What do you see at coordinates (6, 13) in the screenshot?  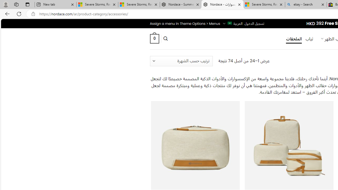 I see `'Back'` at bounding box center [6, 13].